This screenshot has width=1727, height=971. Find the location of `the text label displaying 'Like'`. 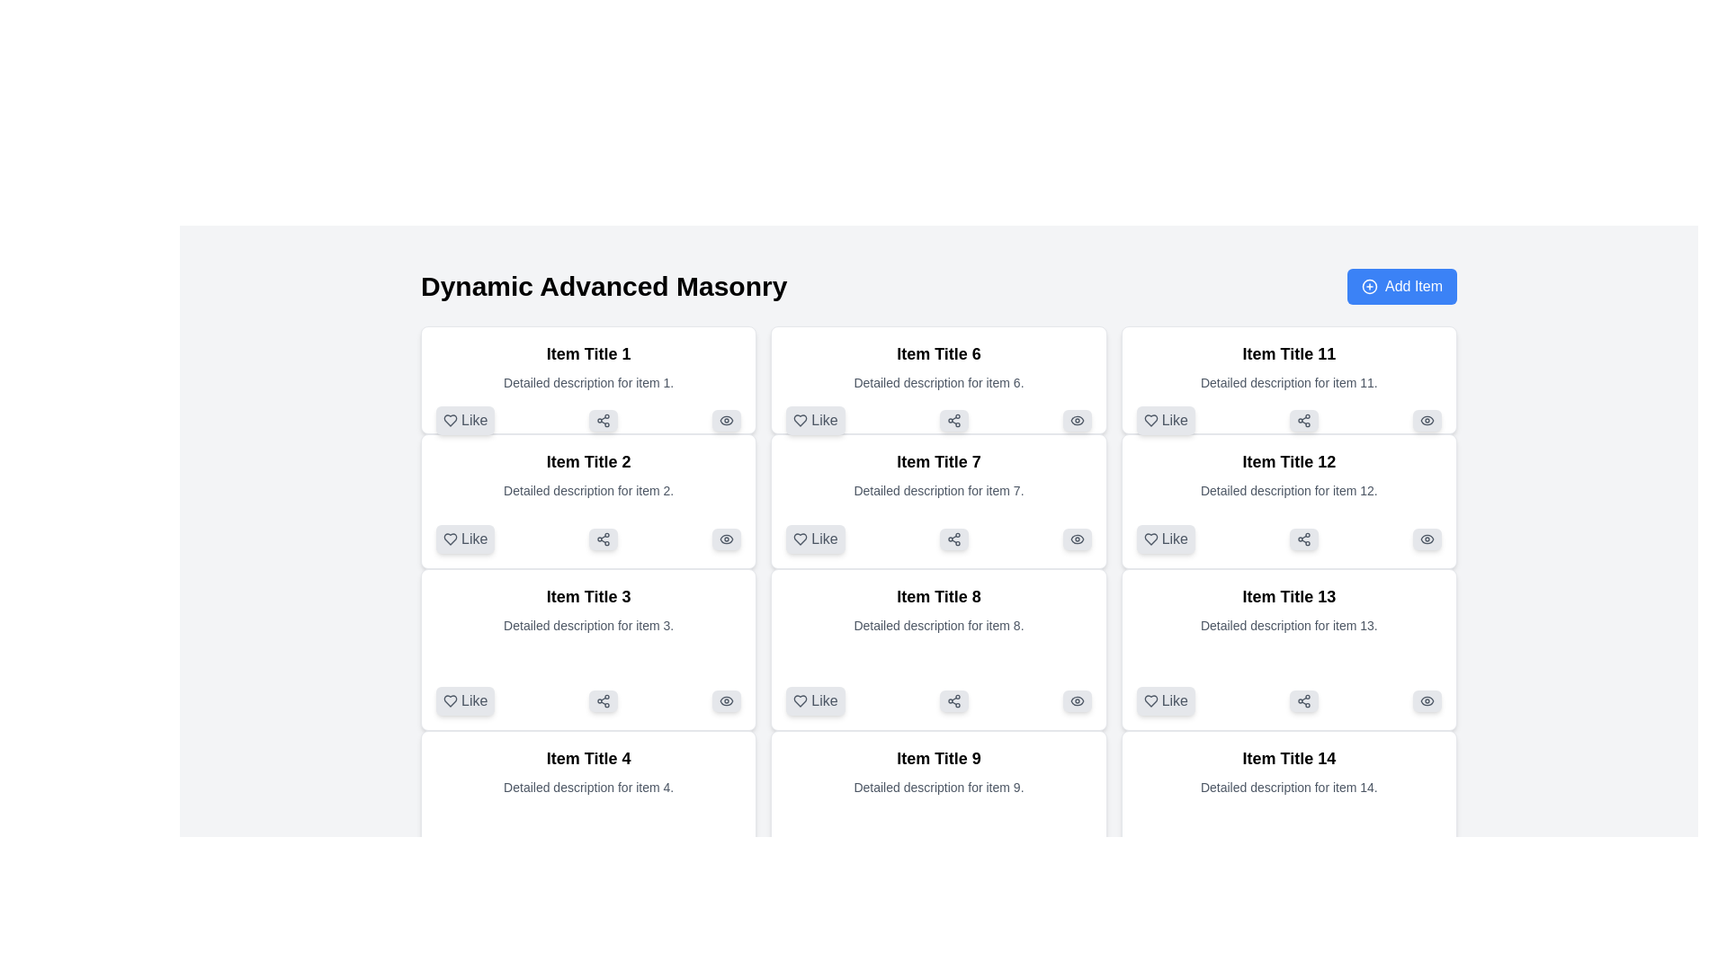

the text label displaying 'Like' is located at coordinates (1175, 539).